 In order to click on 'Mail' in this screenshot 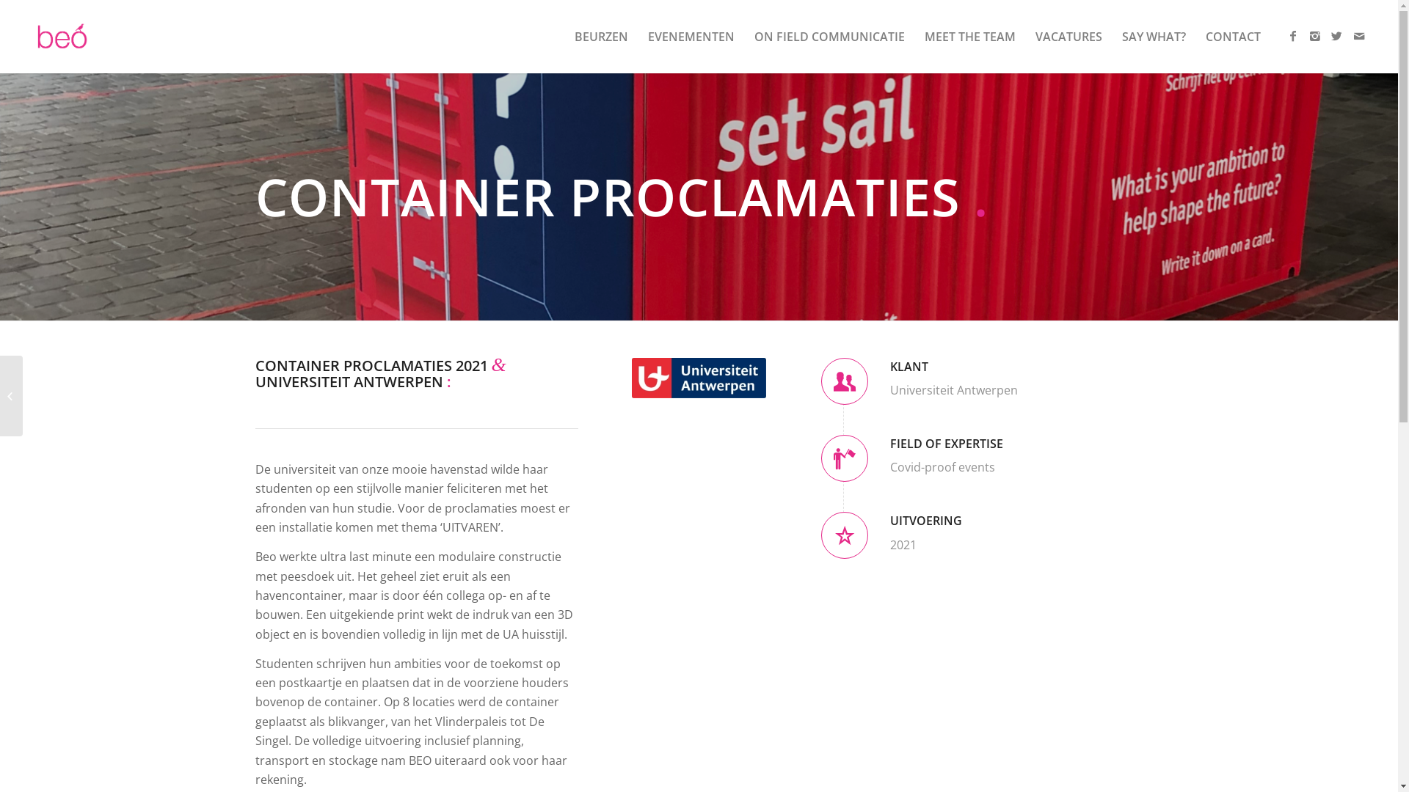, I will do `click(1358, 35)`.